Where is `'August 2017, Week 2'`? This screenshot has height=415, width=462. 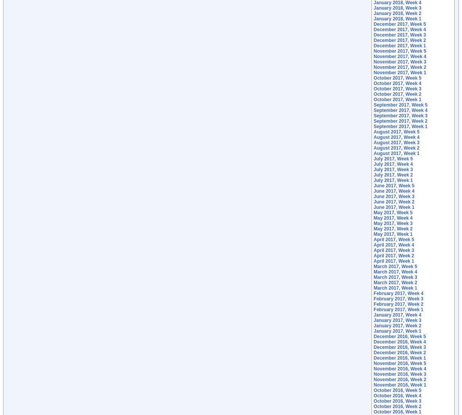 'August 2017, Week 2' is located at coordinates (396, 147).